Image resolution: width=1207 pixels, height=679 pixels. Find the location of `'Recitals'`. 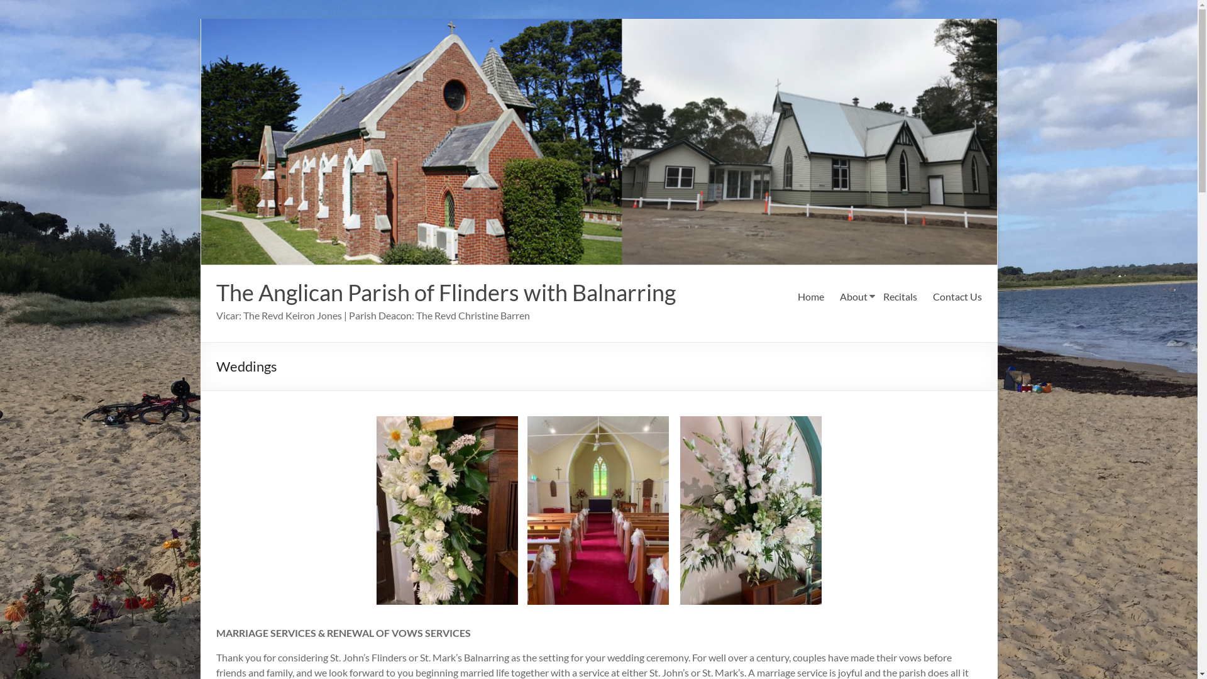

'Recitals' is located at coordinates (898, 296).